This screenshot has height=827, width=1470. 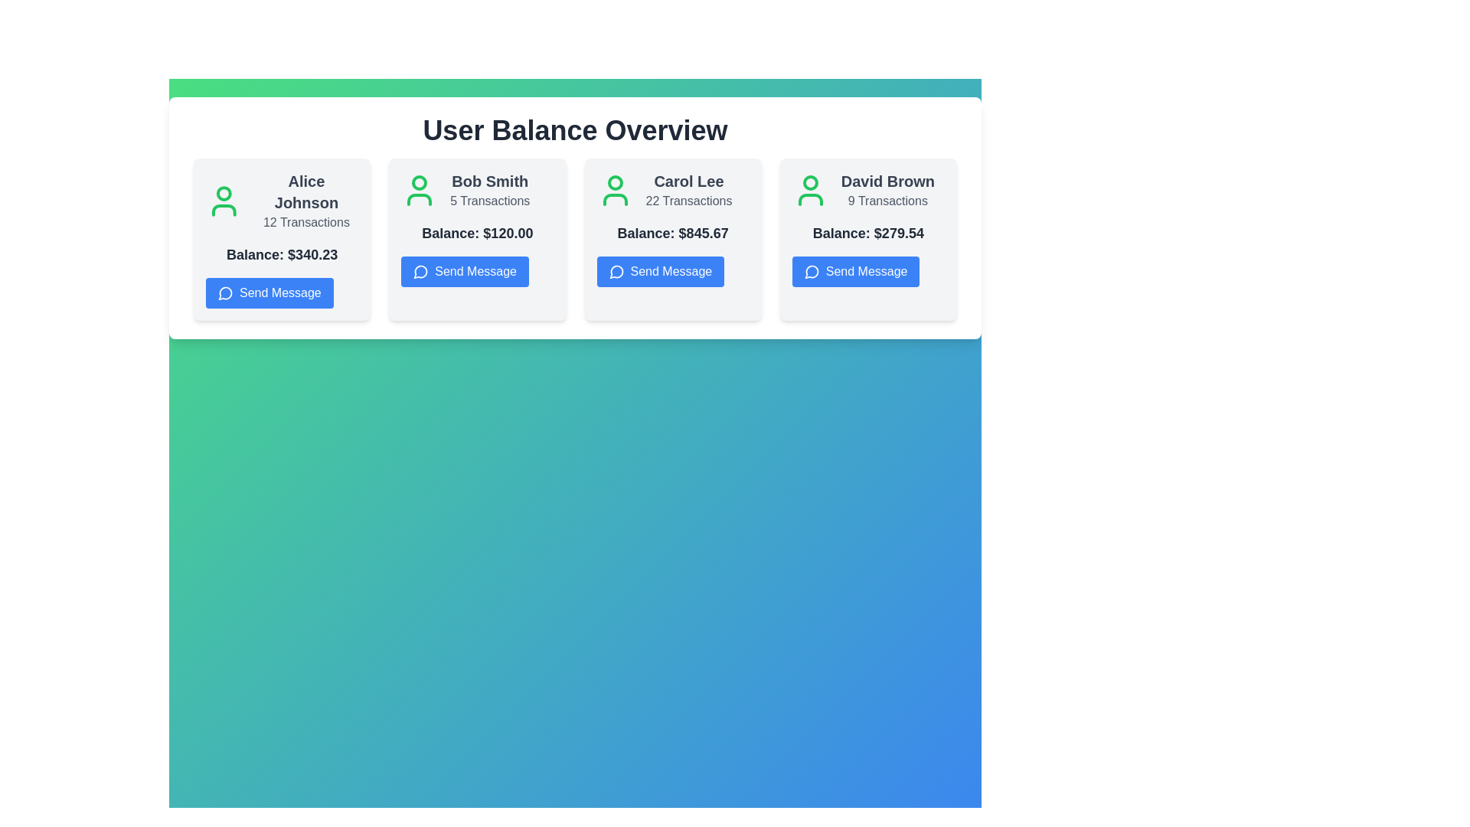 What do you see at coordinates (688, 200) in the screenshot?
I see `the text label displaying the number of transactions for 'Carol Lee', located in the third user card from the left, below the user's name and above the balance amount` at bounding box center [688, 200].